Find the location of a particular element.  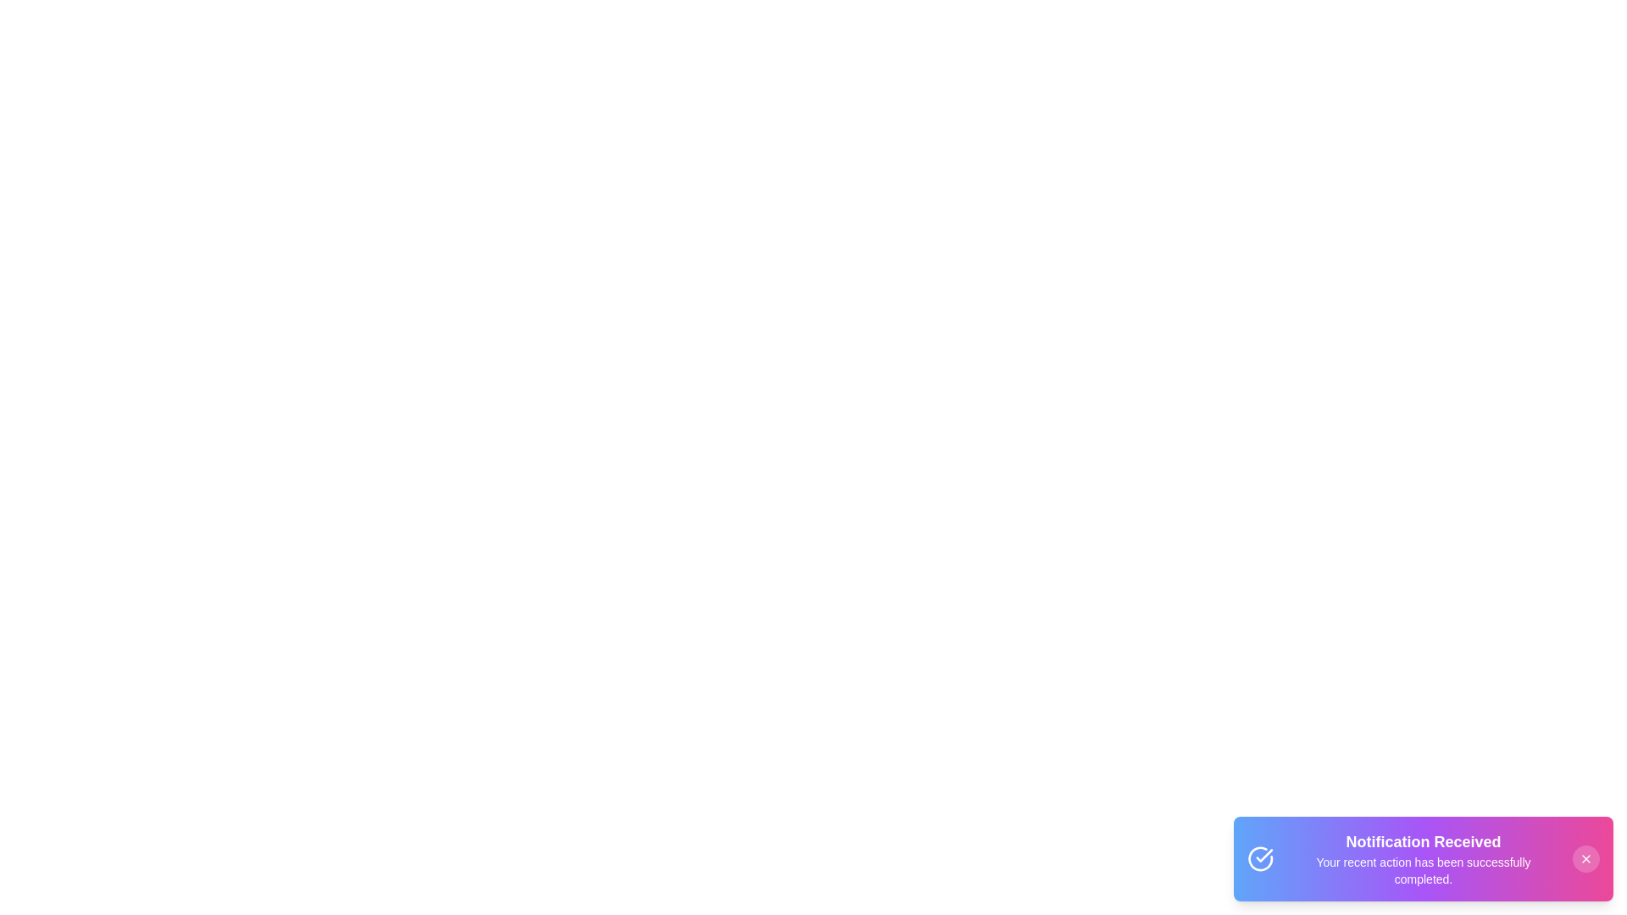

close button on the notification to dismiss it is located at coordinates (1585, 859).